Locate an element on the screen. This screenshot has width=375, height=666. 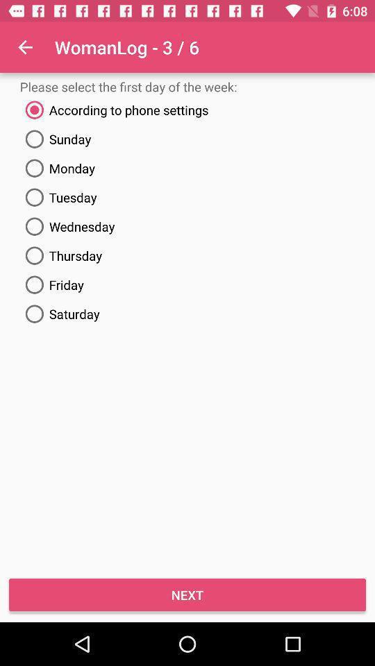
the icon below sunday is located at coordinates (187, 167).